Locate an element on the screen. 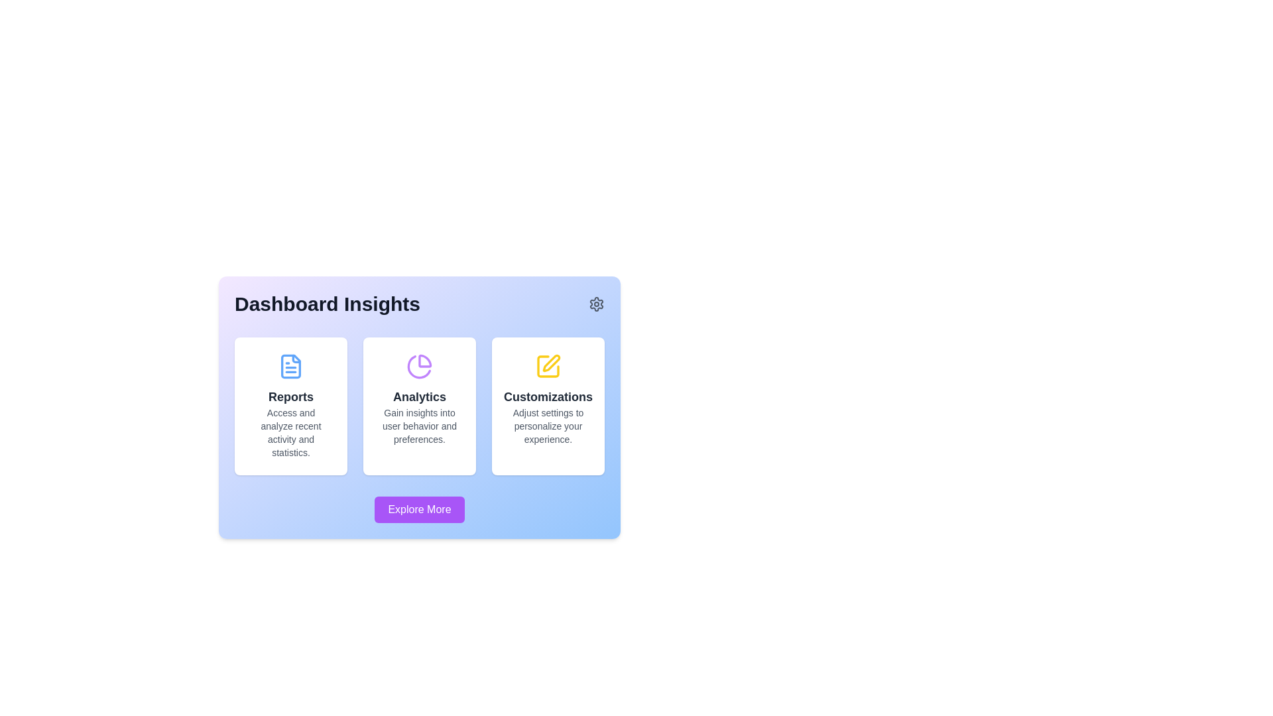 The image size is (1273, 716). the customization icon located at the top center of the 'Customizations' card within the 'Dashboard Insights' section is located at coordinates (548, 366).